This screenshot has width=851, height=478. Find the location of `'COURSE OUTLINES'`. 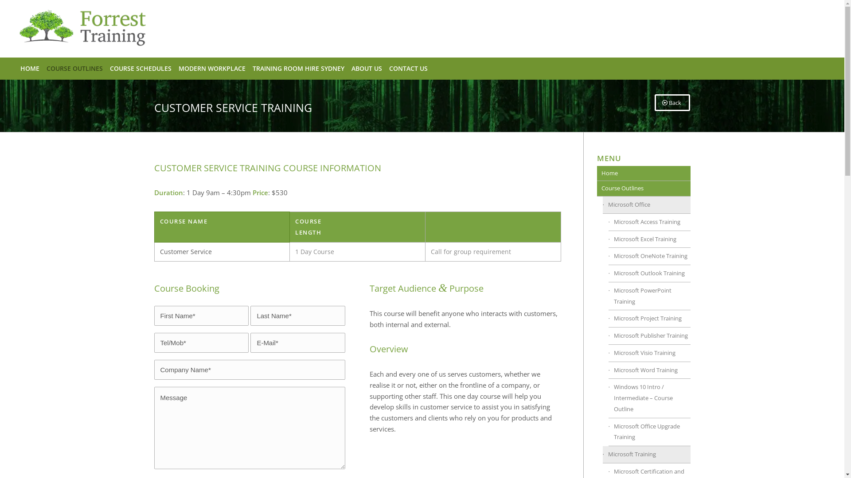

'COURSE OUTLINES' is located at coordinates (74, 68).